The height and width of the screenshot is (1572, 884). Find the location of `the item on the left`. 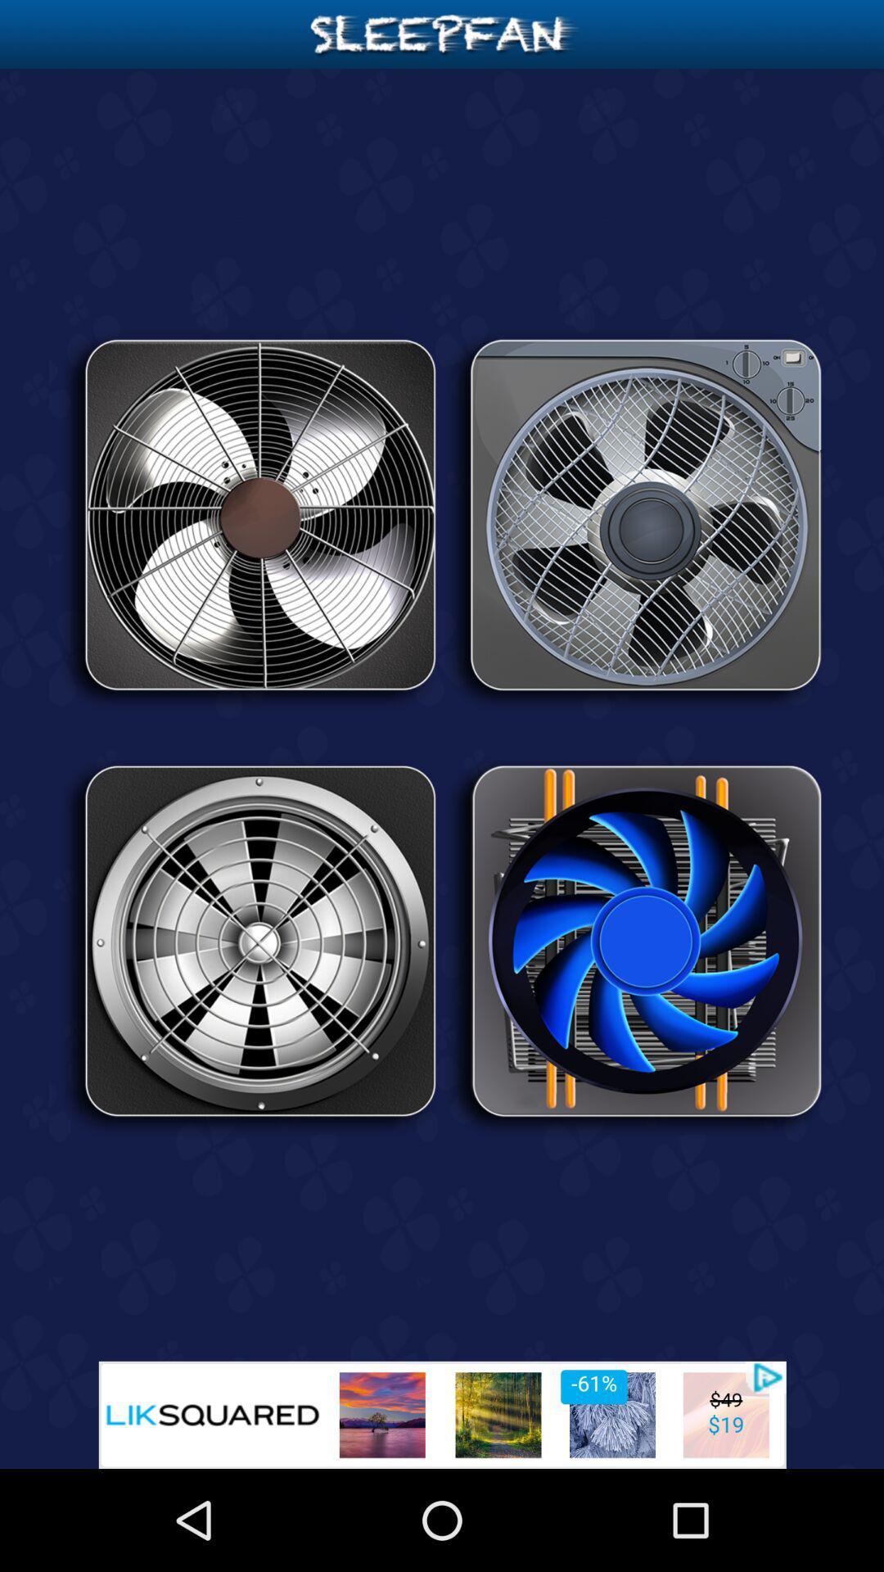

the item on the left is located at coordinates (249, 947).